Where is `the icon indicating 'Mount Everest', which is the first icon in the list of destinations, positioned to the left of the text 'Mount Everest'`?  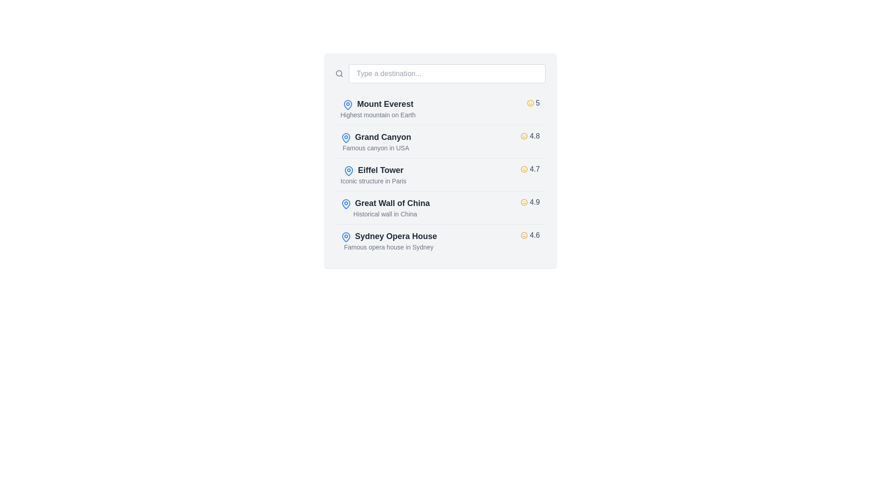 the icon indicating 'Mount Everest', which is the first icon in the list of destinations, positioned to the left of the text 'Mount Everest' is located at coordinates (348, 104).